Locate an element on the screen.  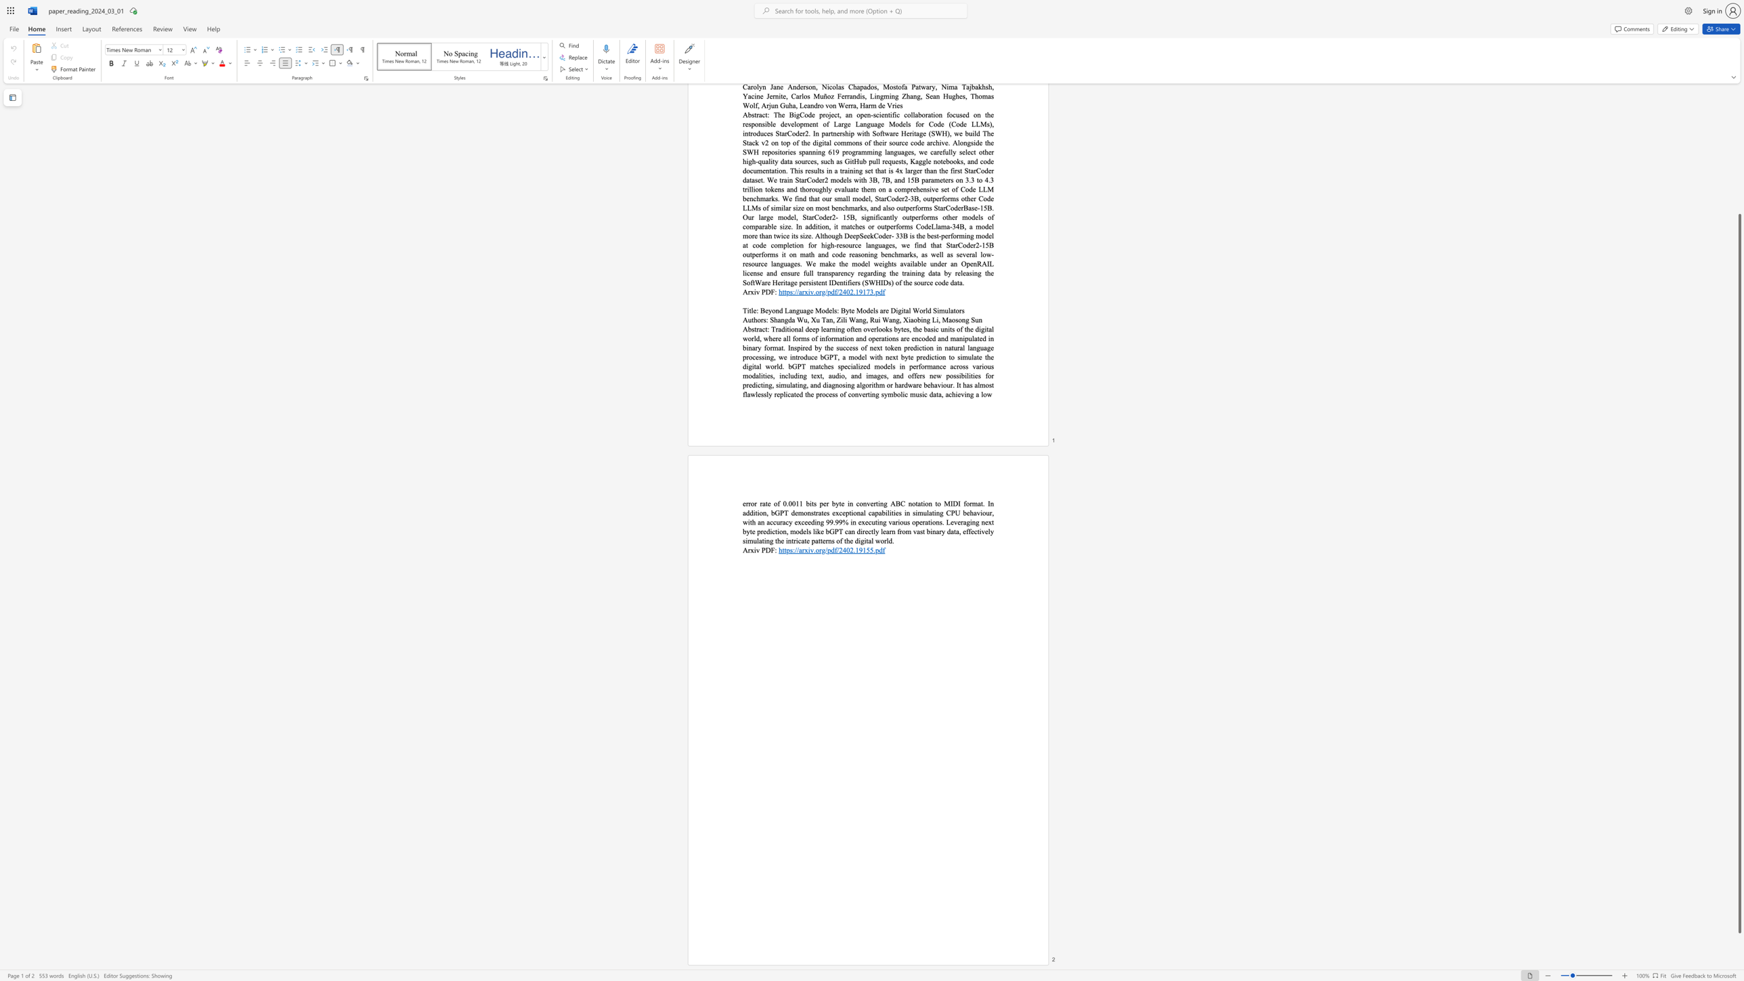
the vertical scrollbar to raise the page content is located at coordinates (1739, 172).